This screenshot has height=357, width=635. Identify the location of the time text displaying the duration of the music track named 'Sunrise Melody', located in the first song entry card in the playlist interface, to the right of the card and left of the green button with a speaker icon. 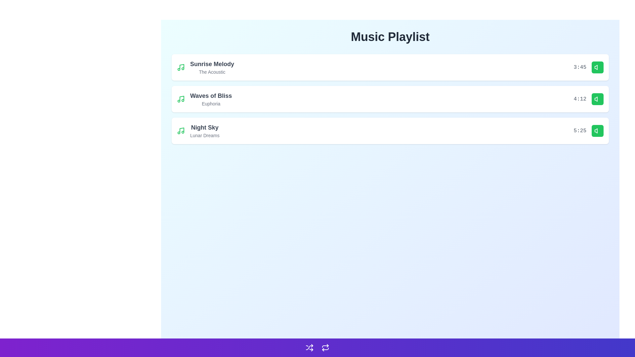
(588, 67).